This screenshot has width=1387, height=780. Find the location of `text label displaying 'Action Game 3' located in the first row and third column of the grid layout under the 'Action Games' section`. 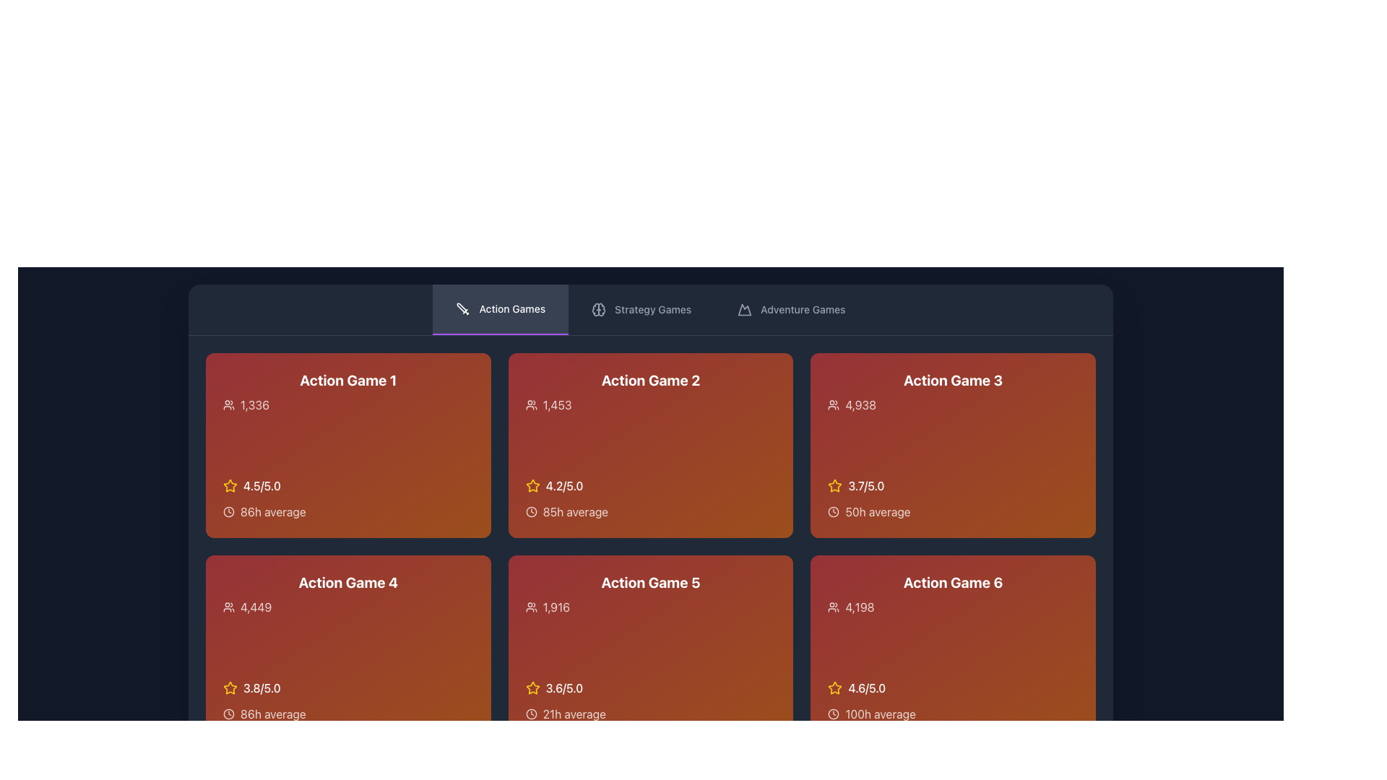

text label displaying 'Action Game 3' located in the first row and third column of the grid layout under the 'Action Games' section is located at coordinates (953, 380).